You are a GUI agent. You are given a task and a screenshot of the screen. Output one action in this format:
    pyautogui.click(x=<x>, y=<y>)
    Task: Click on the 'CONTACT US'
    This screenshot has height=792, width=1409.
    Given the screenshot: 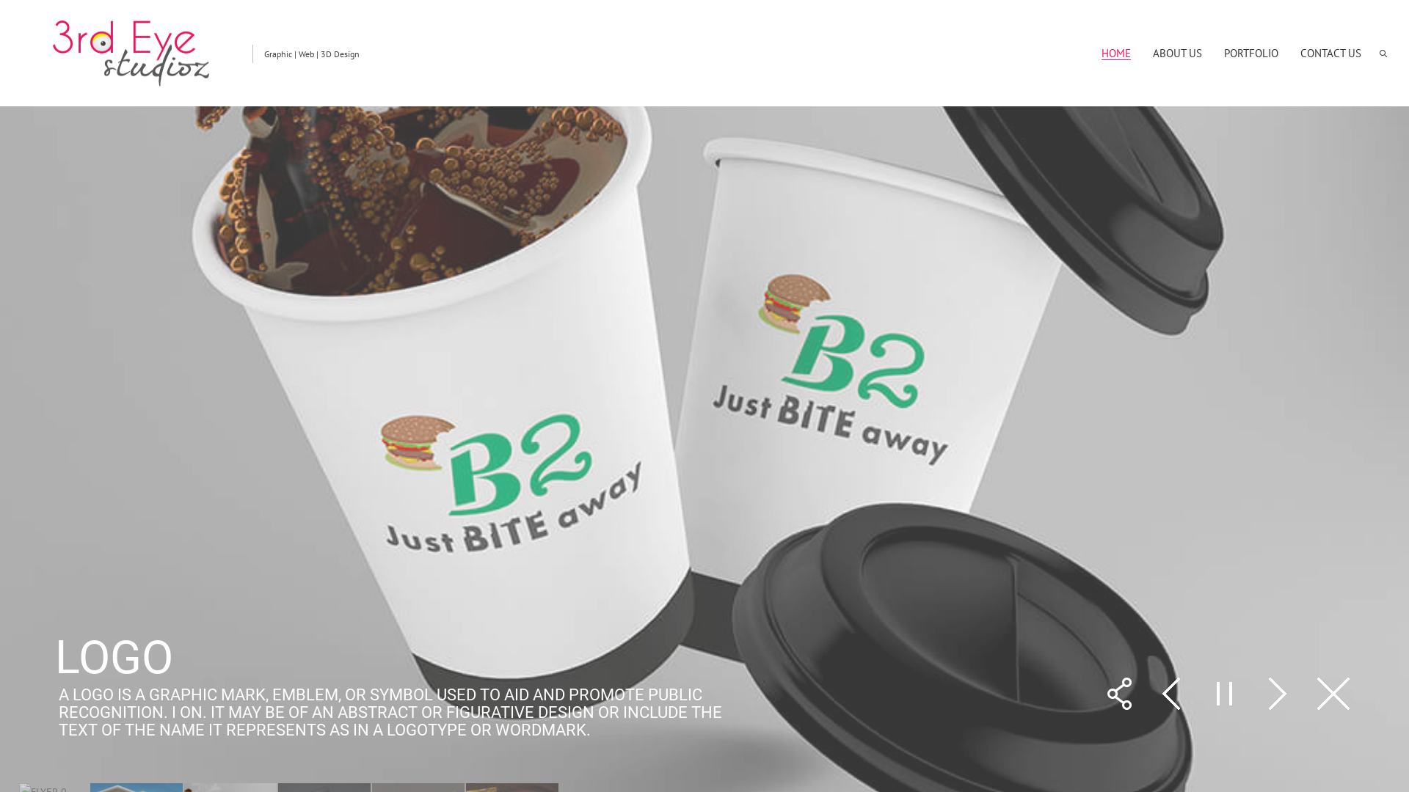 What is the action you would take?
    pyautogui.click(x=1330, y=52)
    